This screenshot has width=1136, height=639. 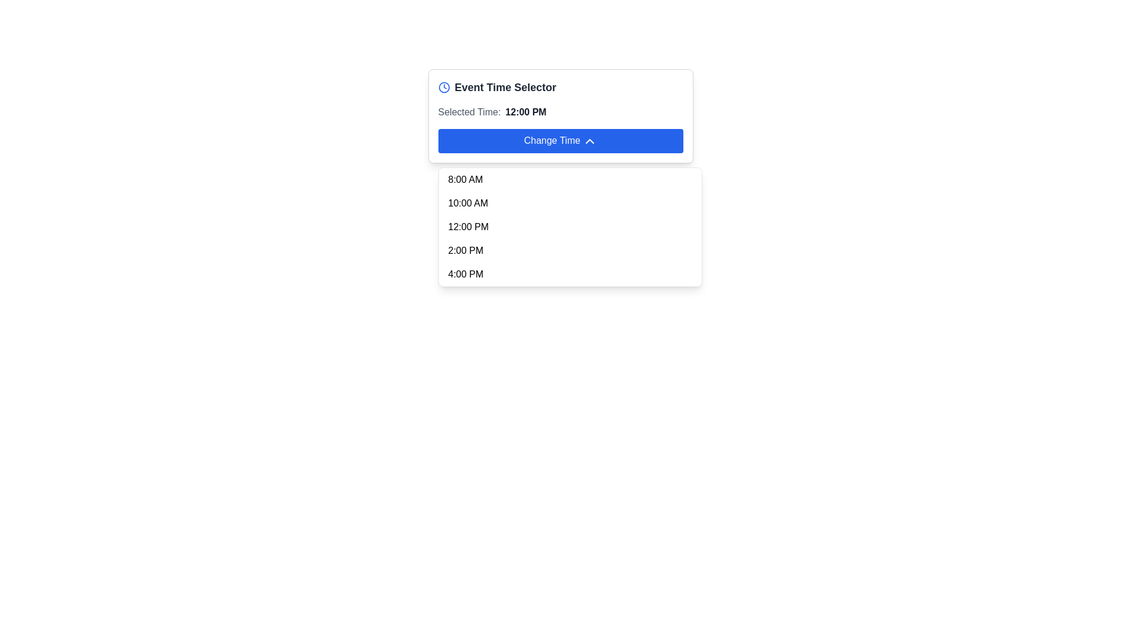 I want to click on the time selection button displaying '8:00 AM' in the dropdown menu beneath the 'Change Time' button, so click(x=570, y=179).